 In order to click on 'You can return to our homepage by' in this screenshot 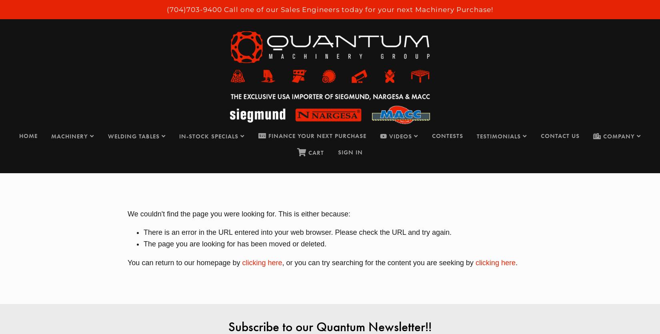, I will do `click(184, 262)`.